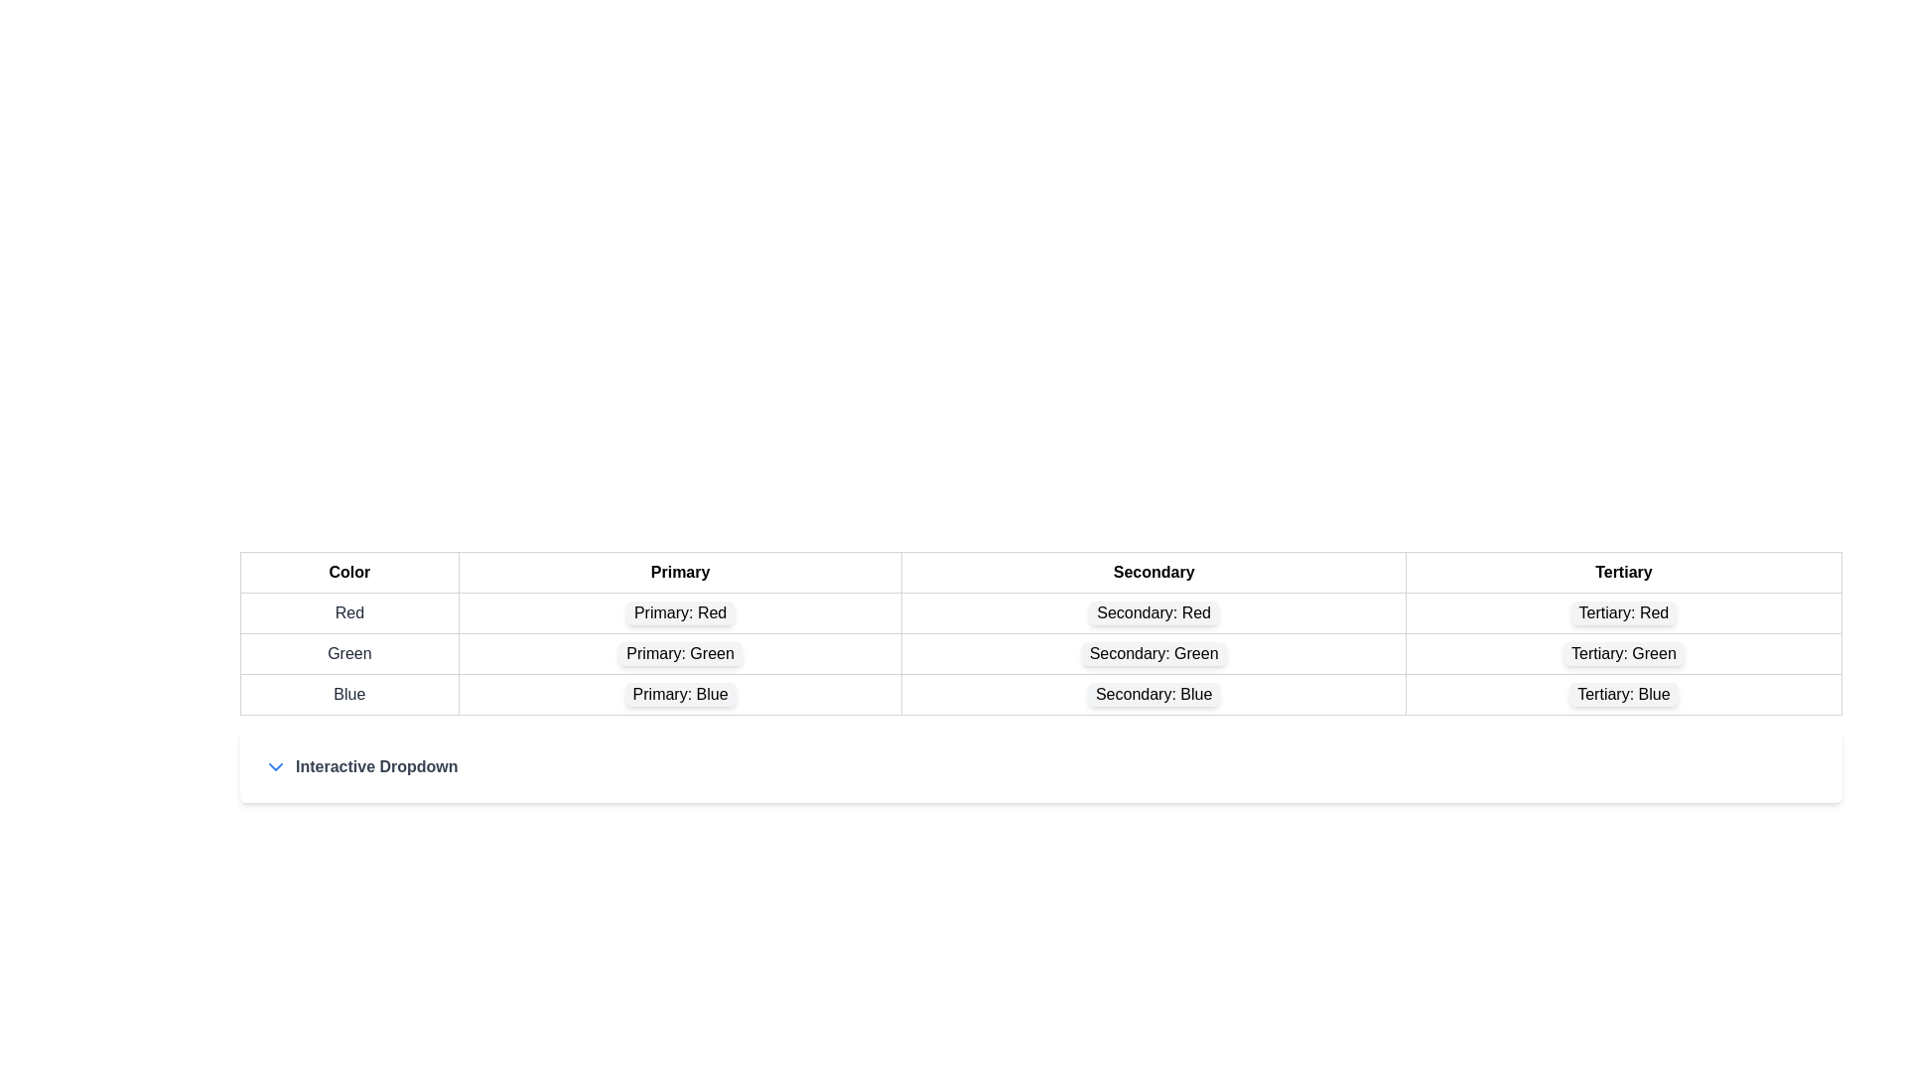 Image resolution: width=1906 pixels, height=1072 pixels. Describe the element at coordinates (680, 611) in the screenshot. I see `the label denoting the primary attribute related to the color red, located in the 'Primary' column of the table, adjacent to the 'Red' label in the 'Color' column` at that location.